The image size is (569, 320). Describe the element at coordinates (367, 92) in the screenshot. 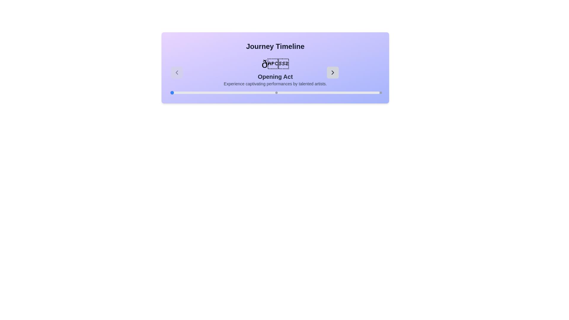

I see `the slider position` at that location.